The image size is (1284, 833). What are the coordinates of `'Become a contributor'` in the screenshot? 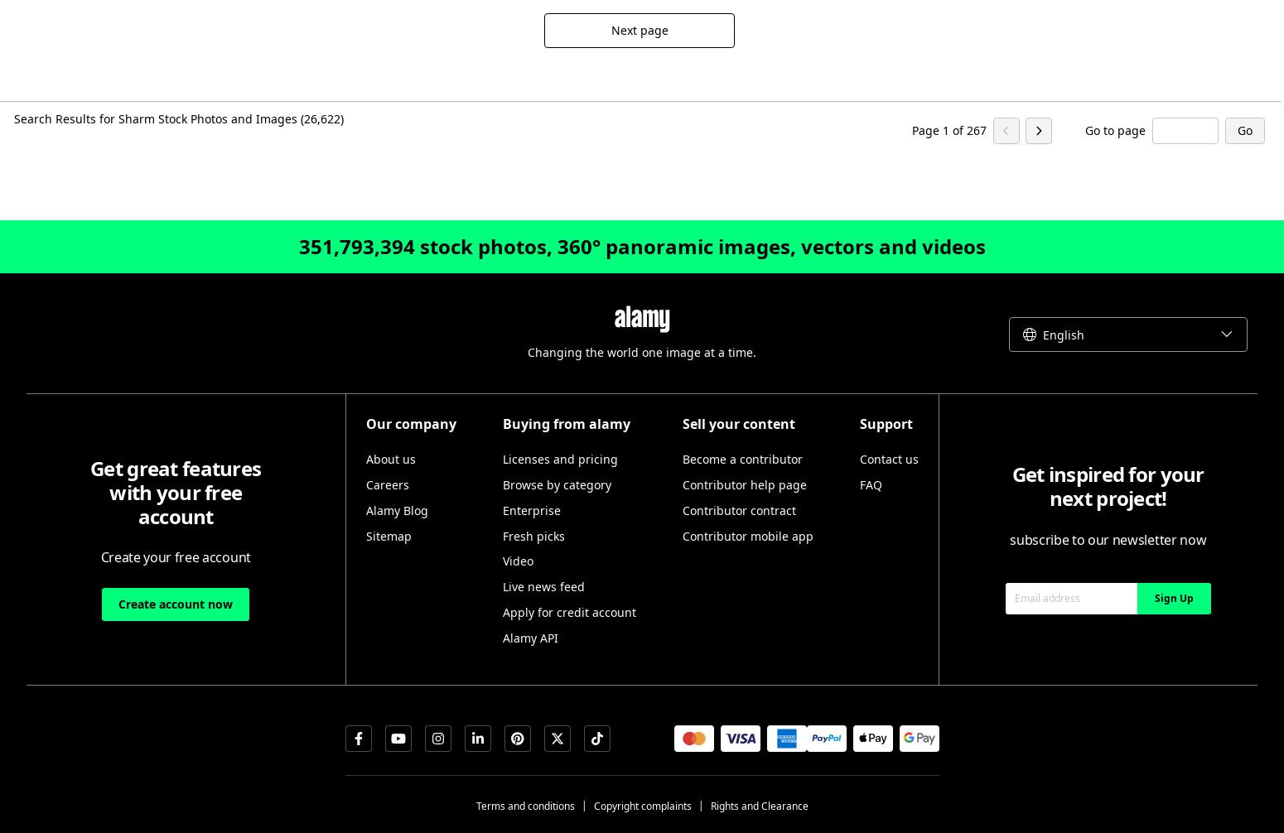 It's located at (741, 459).